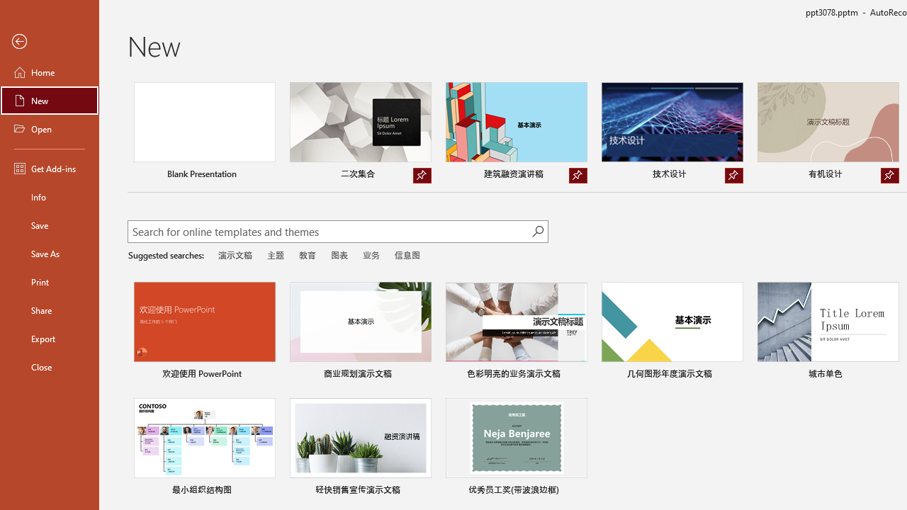 The height and width of the screenshot is (510, 907). What do you see at coordinates (537, 230) in the screenshot?
I see `'Start searching'` at bounding box center [537, 230].